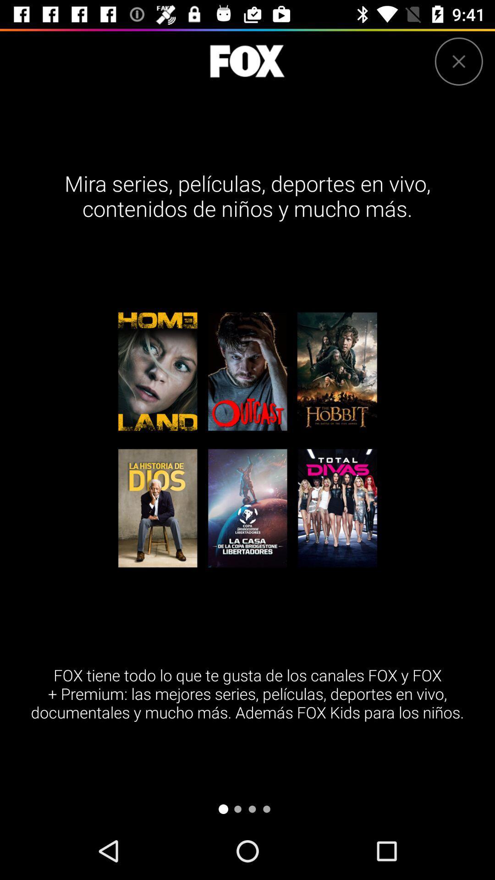 Image resolution: width=495 pixels, height=880 pixels. Describe the element at coordinates (247, 61) in the screenshot. I see `homepage` at that location.